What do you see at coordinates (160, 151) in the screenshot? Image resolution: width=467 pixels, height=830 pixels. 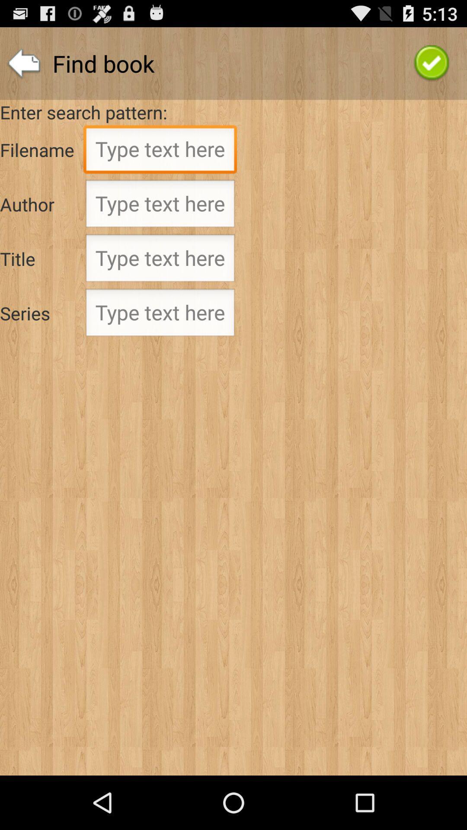 I see `filaname textbox` at bounding box center [160, 151].